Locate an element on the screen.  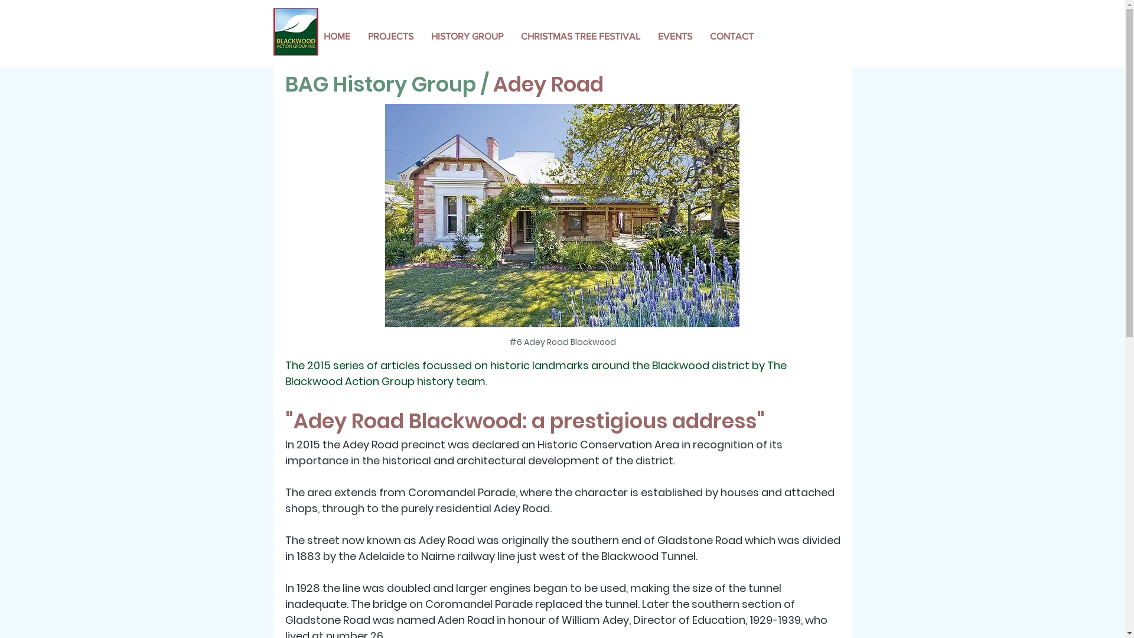
'HOME' is located at coordinates (314, 35).